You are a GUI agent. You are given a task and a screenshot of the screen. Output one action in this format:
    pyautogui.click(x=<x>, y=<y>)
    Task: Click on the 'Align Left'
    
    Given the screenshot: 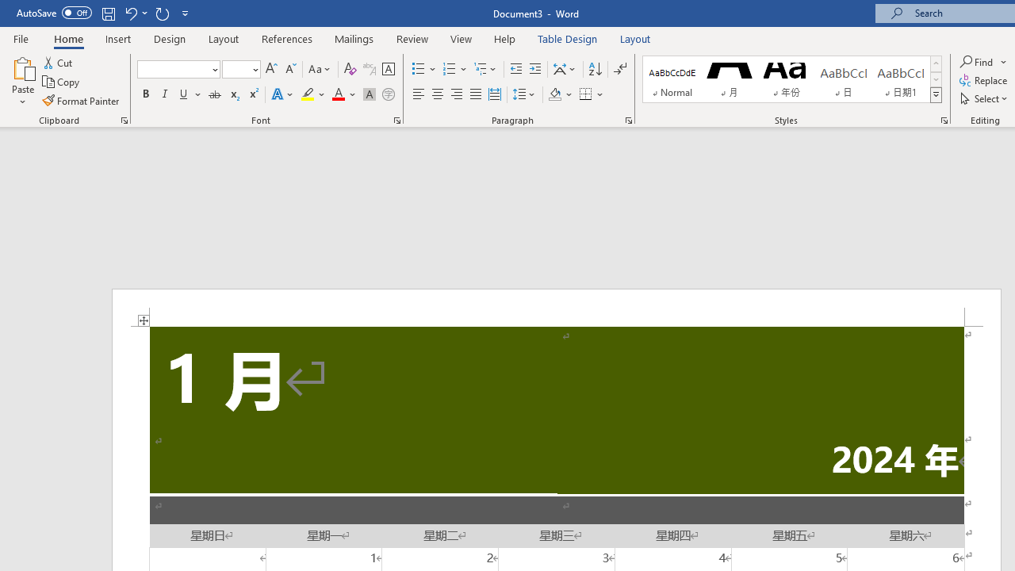 What is the action you would take?
    pyautogui.click(x=419, y=94)
    